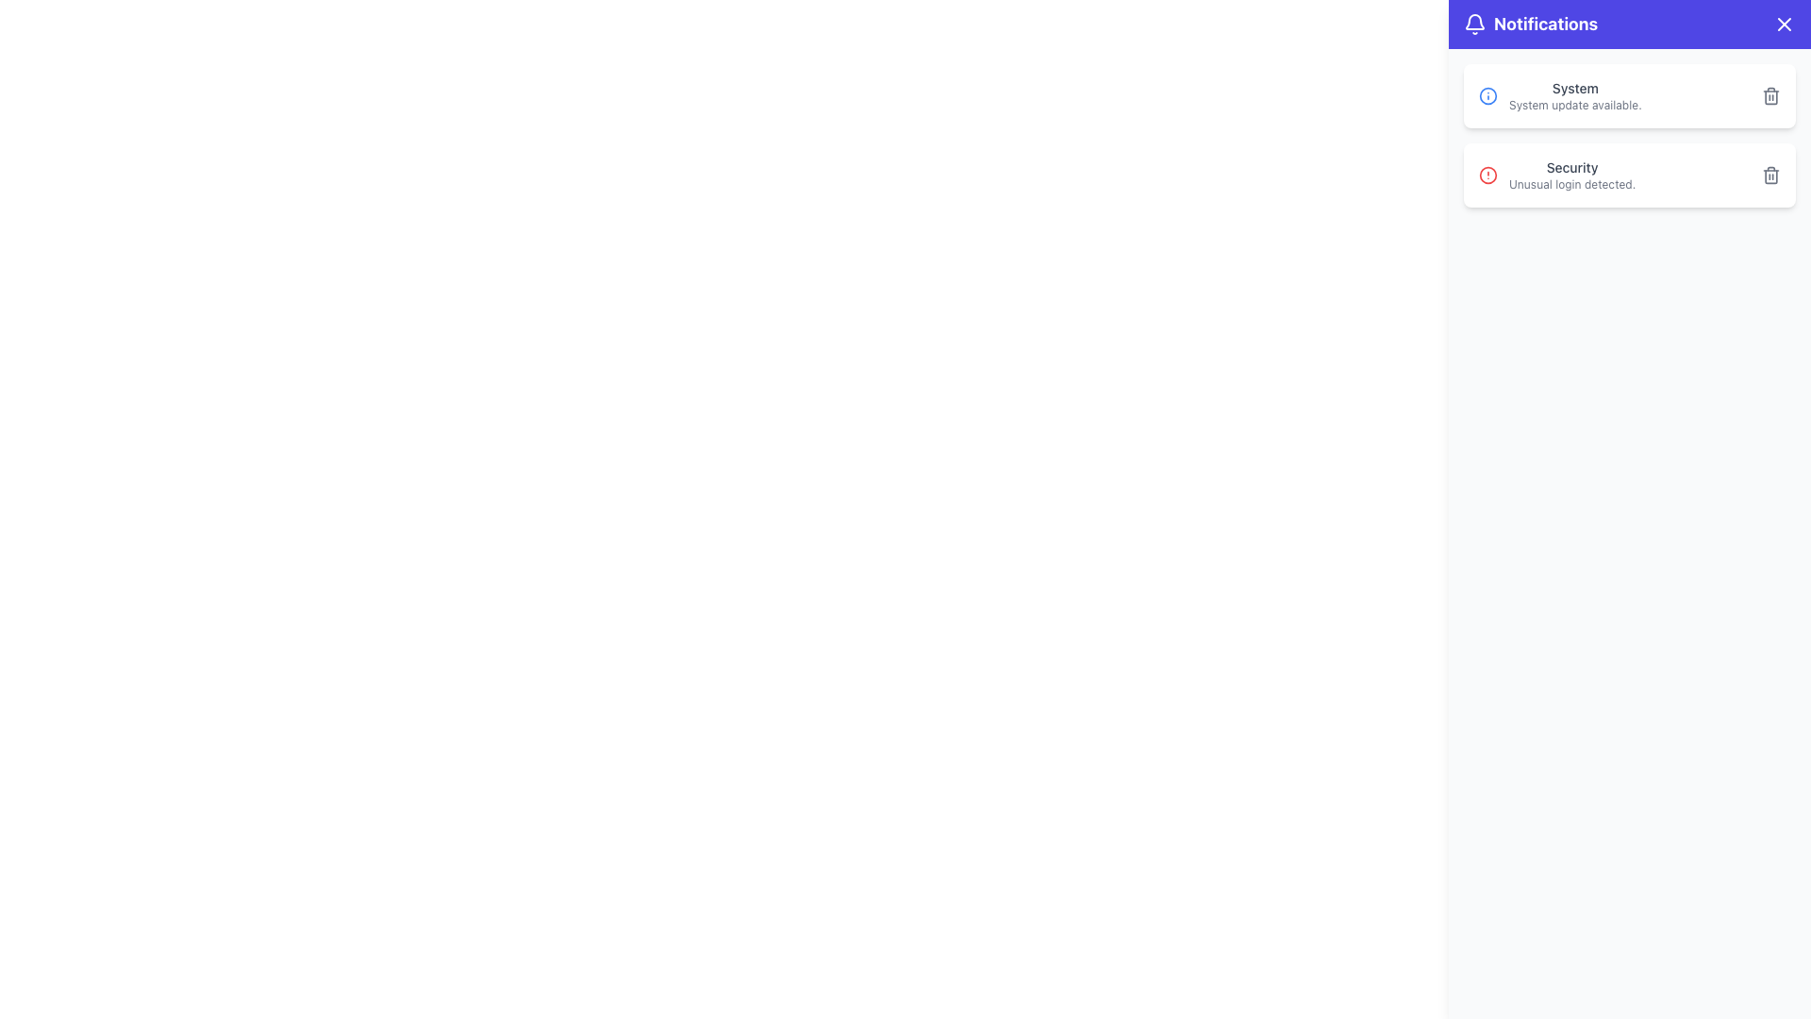  What do you see at coordinates (1575, 105) in the screenshot?
I see `text from the label that states 'System update available.' which is styled in a small gray font and is positioned below the 'System' heading in the notification card` at bounding box center [1575, 105].